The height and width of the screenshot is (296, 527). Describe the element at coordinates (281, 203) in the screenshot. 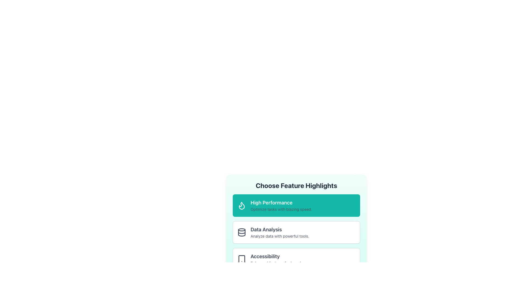

I see `the bold, large text label that reads 'High Performance', which is positioned at the top of a green rectangular section` at that location.